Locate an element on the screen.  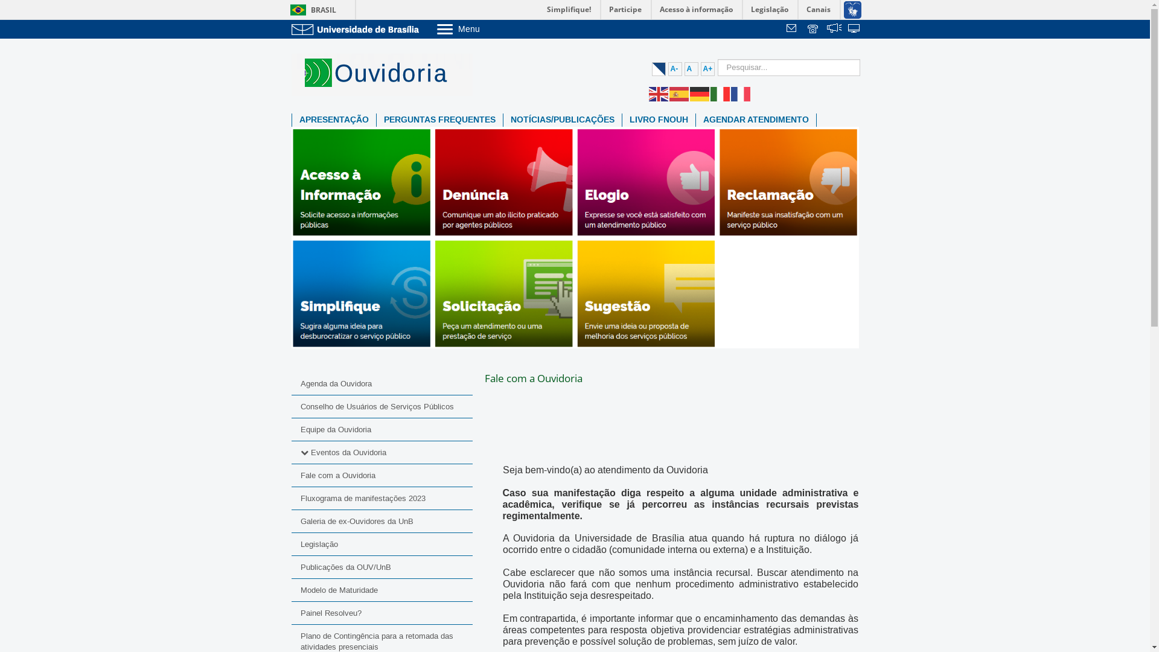
'Ir para o Portal da UnB' is located at coordinates (356, 28).